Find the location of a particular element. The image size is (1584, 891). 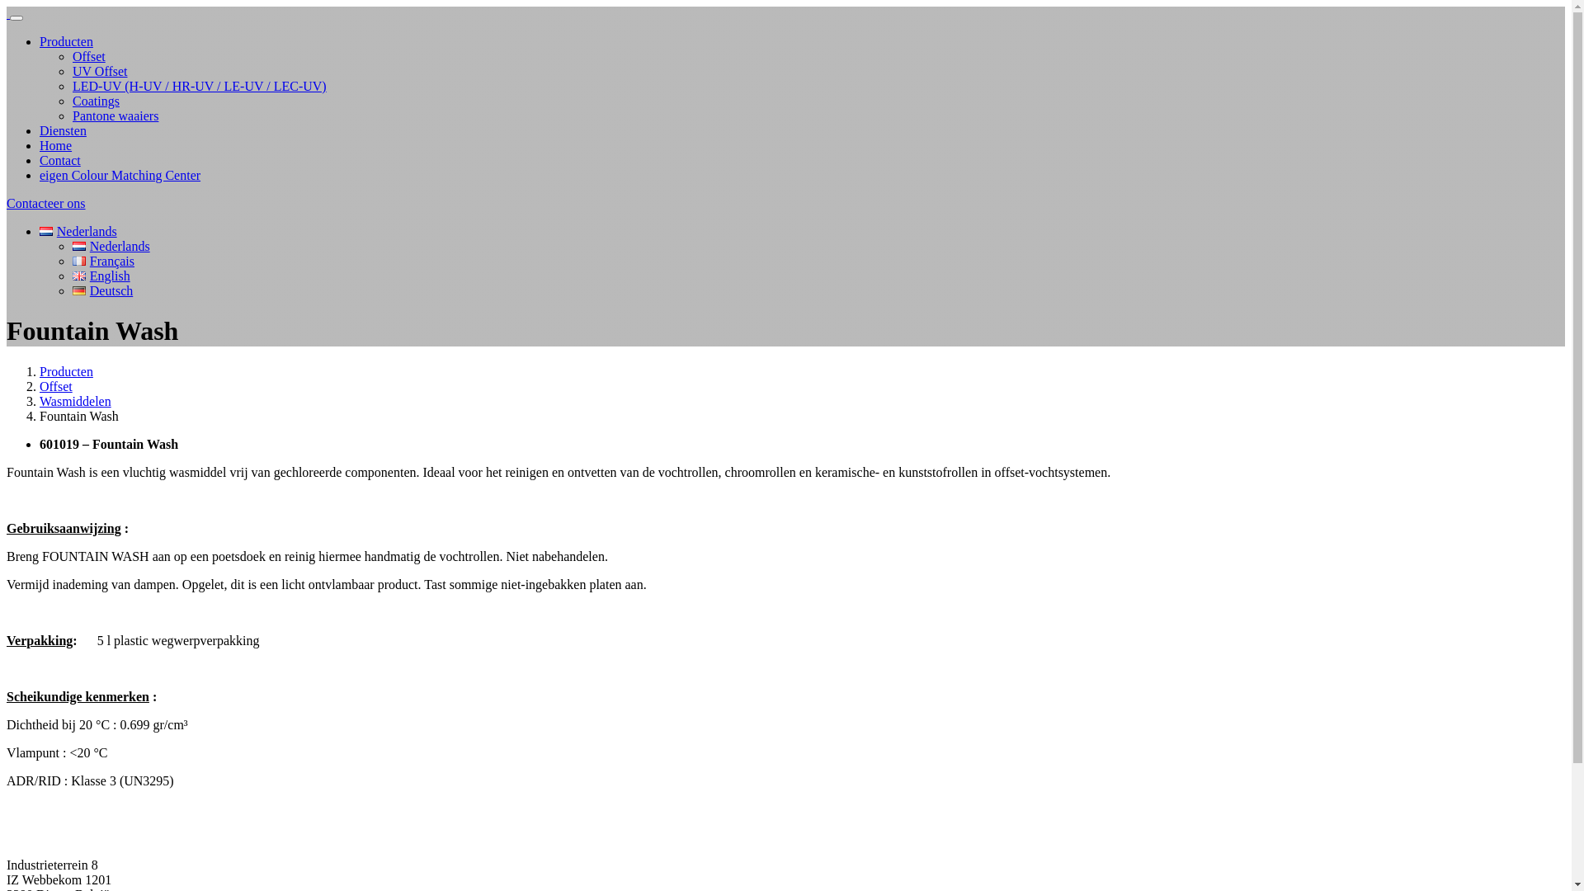

'Nederlands' is located at coordinates (46, 231).